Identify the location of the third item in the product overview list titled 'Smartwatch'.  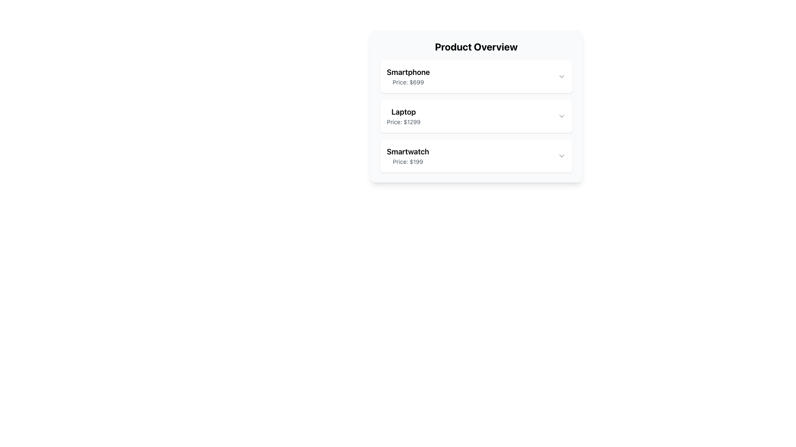
(476, 156).